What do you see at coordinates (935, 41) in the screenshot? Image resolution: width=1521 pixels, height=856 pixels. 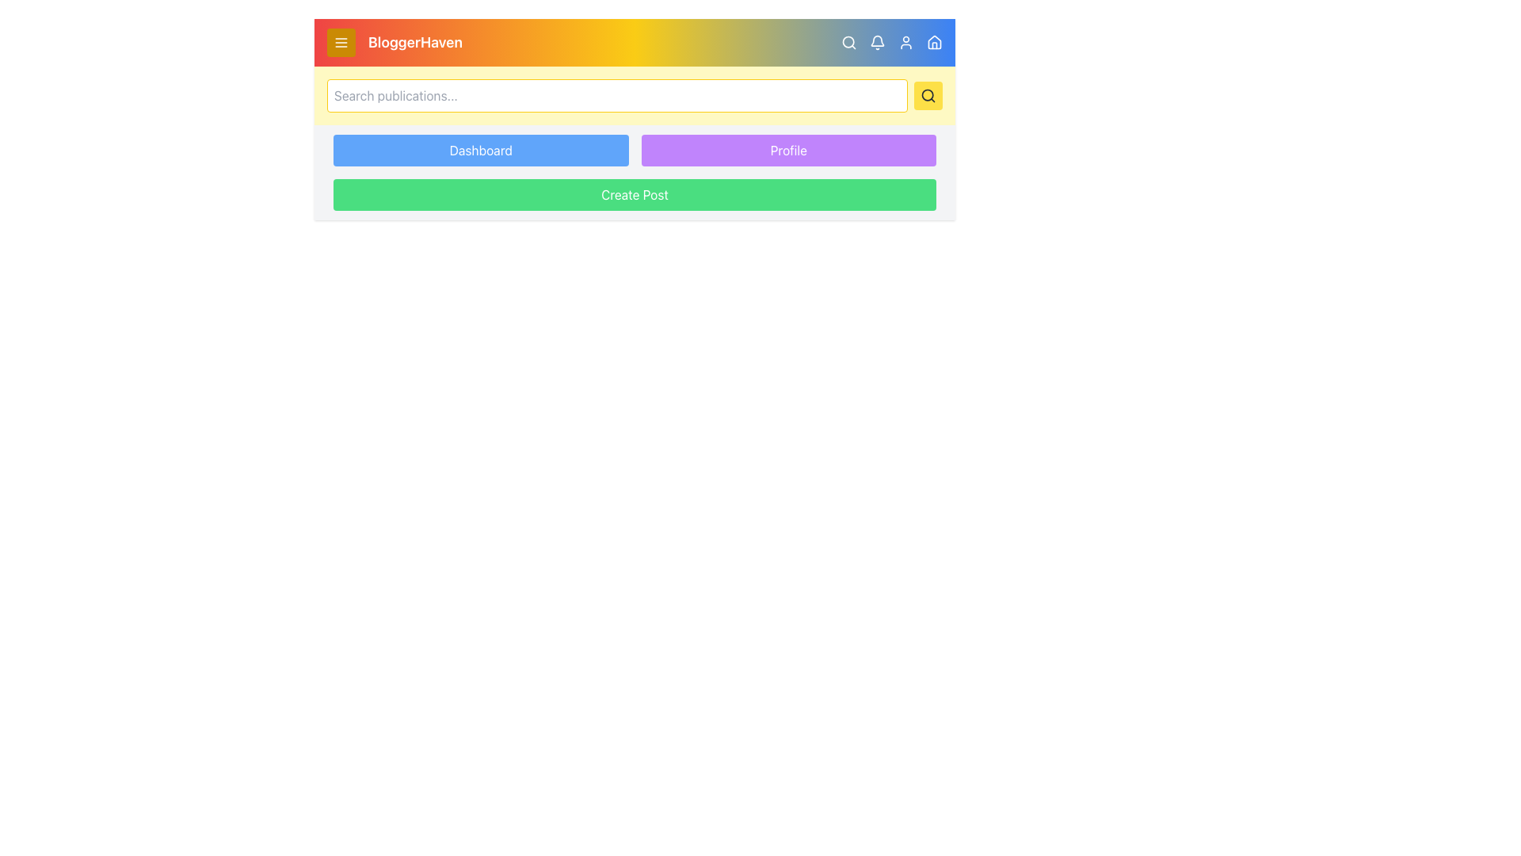 I see `the home icon located in the top right corner of the navigation bar, which provides navigation to the main or dashboard page of the application` at bounding box center [935, 41].